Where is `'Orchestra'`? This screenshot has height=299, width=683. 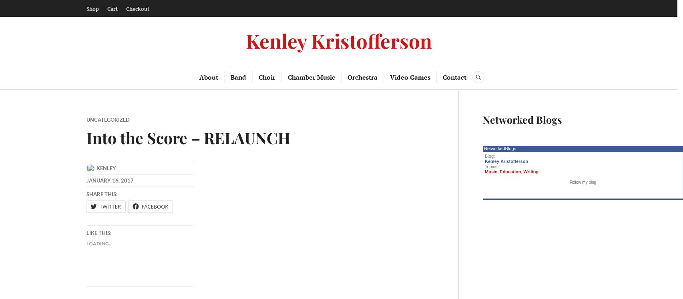
'Orchestra' is located at coordinates (362, 77).